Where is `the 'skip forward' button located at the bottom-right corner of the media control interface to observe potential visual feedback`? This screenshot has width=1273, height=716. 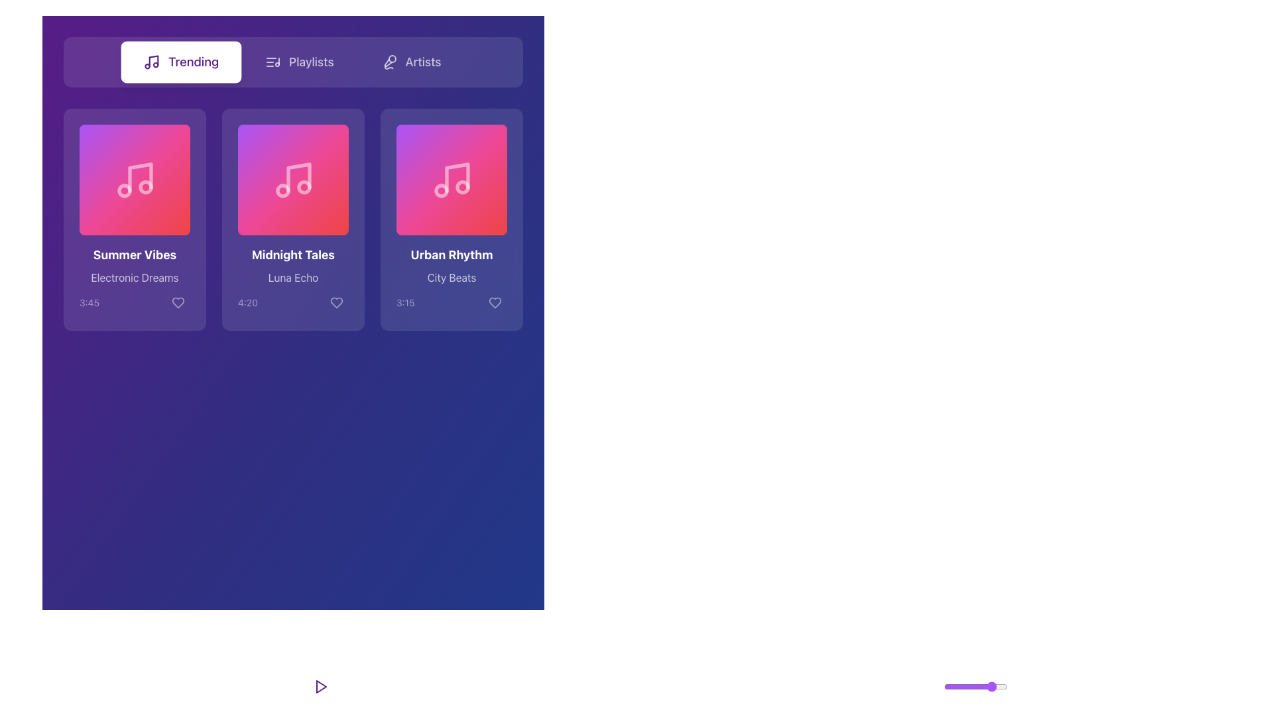
the 'skip forward' button located at the bottom-right corner of the media control interface to observe potential visual feedback is located at coordinates (363, 686).